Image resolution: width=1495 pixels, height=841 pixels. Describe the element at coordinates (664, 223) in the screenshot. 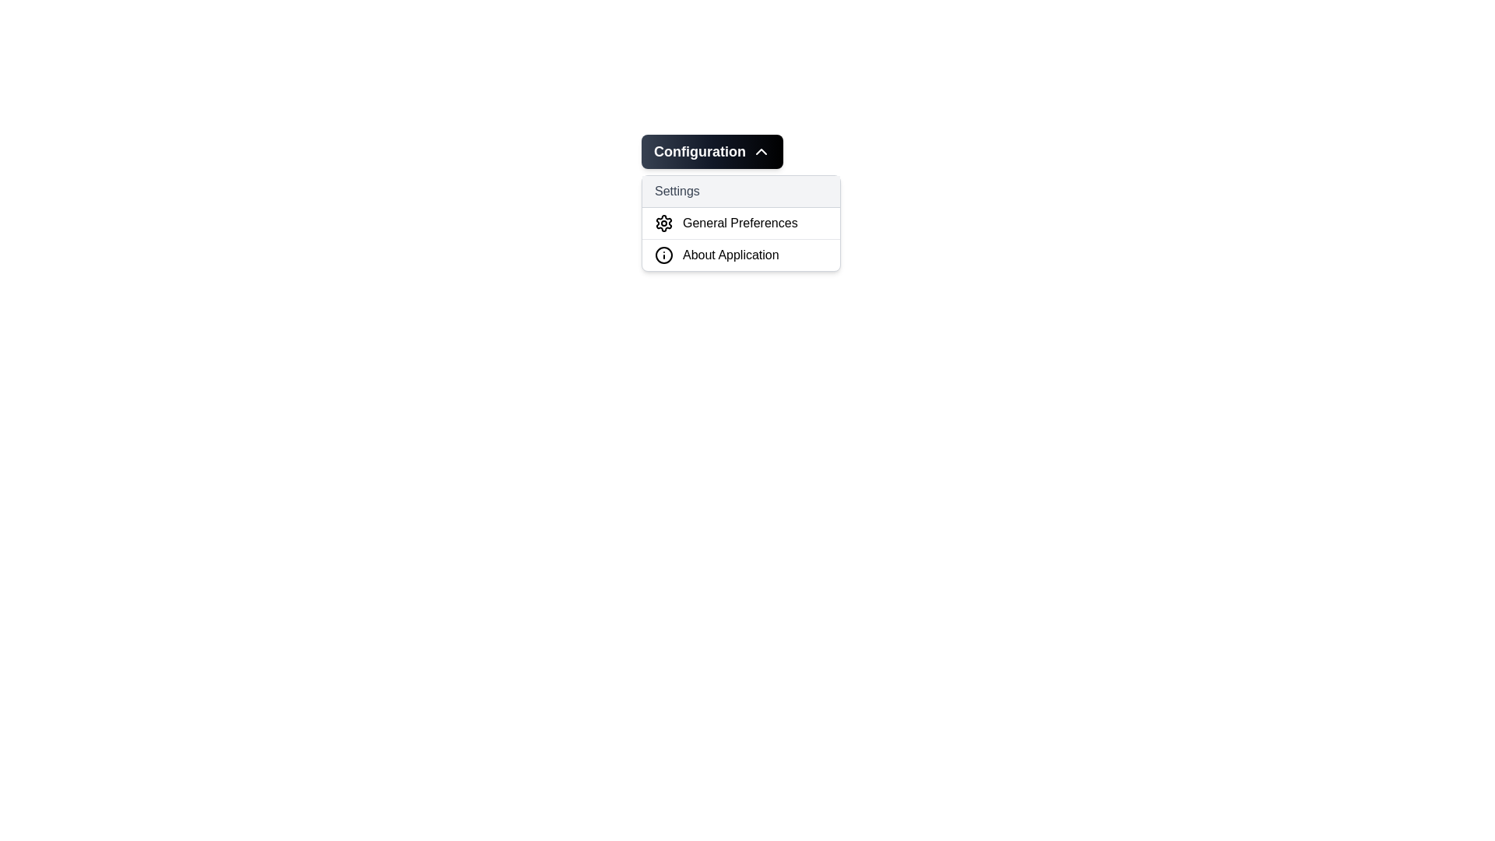

I see `the cogwheel icon located in the dropdown menu under the 'Configuration' button` at that location.